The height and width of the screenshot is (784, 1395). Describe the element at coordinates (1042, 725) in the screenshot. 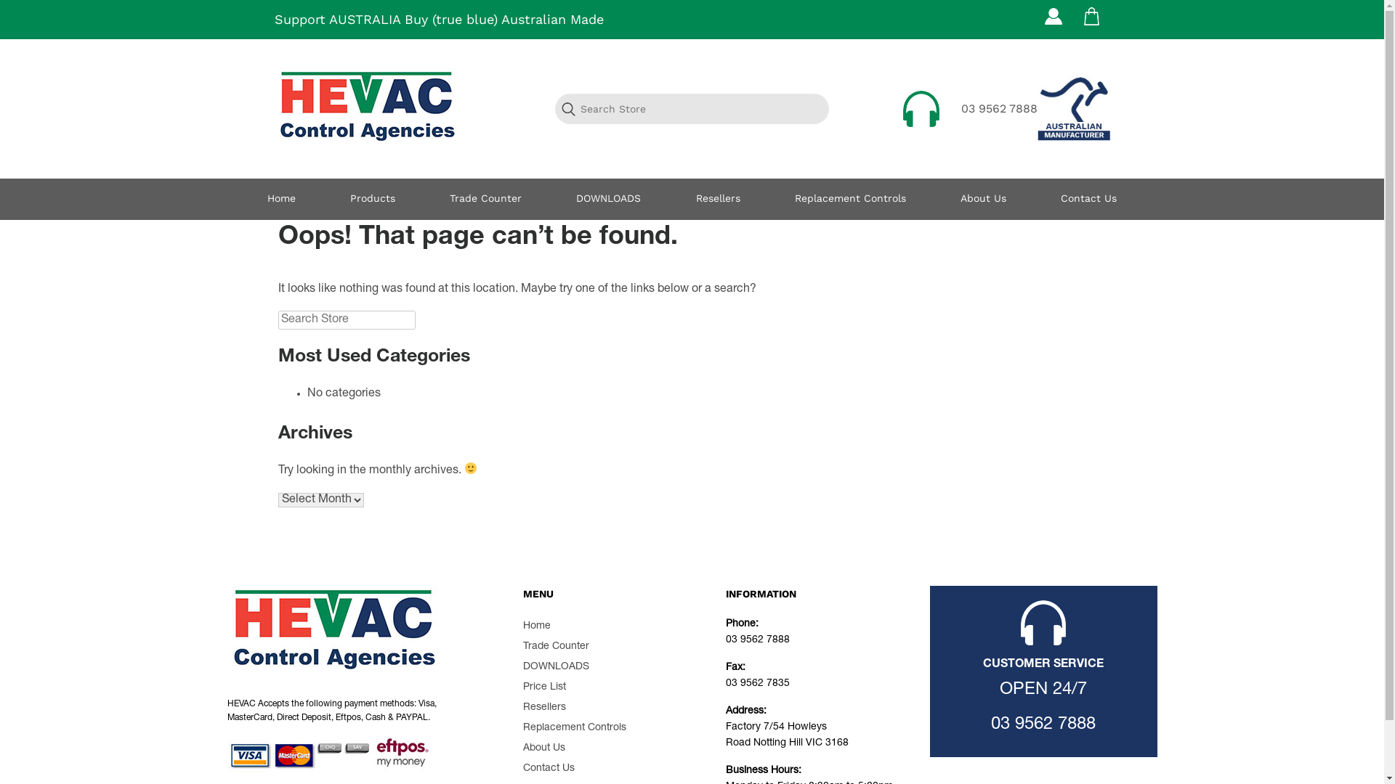

I see `'03 9562 7888'` at that location.